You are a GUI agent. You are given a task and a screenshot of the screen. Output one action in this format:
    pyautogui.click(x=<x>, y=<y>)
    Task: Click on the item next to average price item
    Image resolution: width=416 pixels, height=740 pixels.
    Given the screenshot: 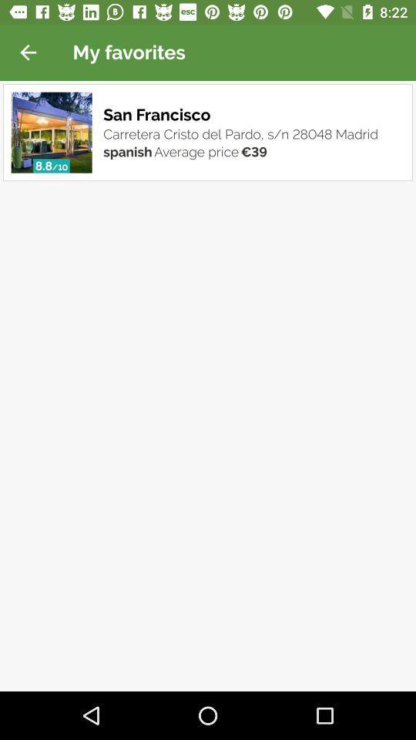 What is the action you would take?
    pyautogui.click(x=126, y=150)
    